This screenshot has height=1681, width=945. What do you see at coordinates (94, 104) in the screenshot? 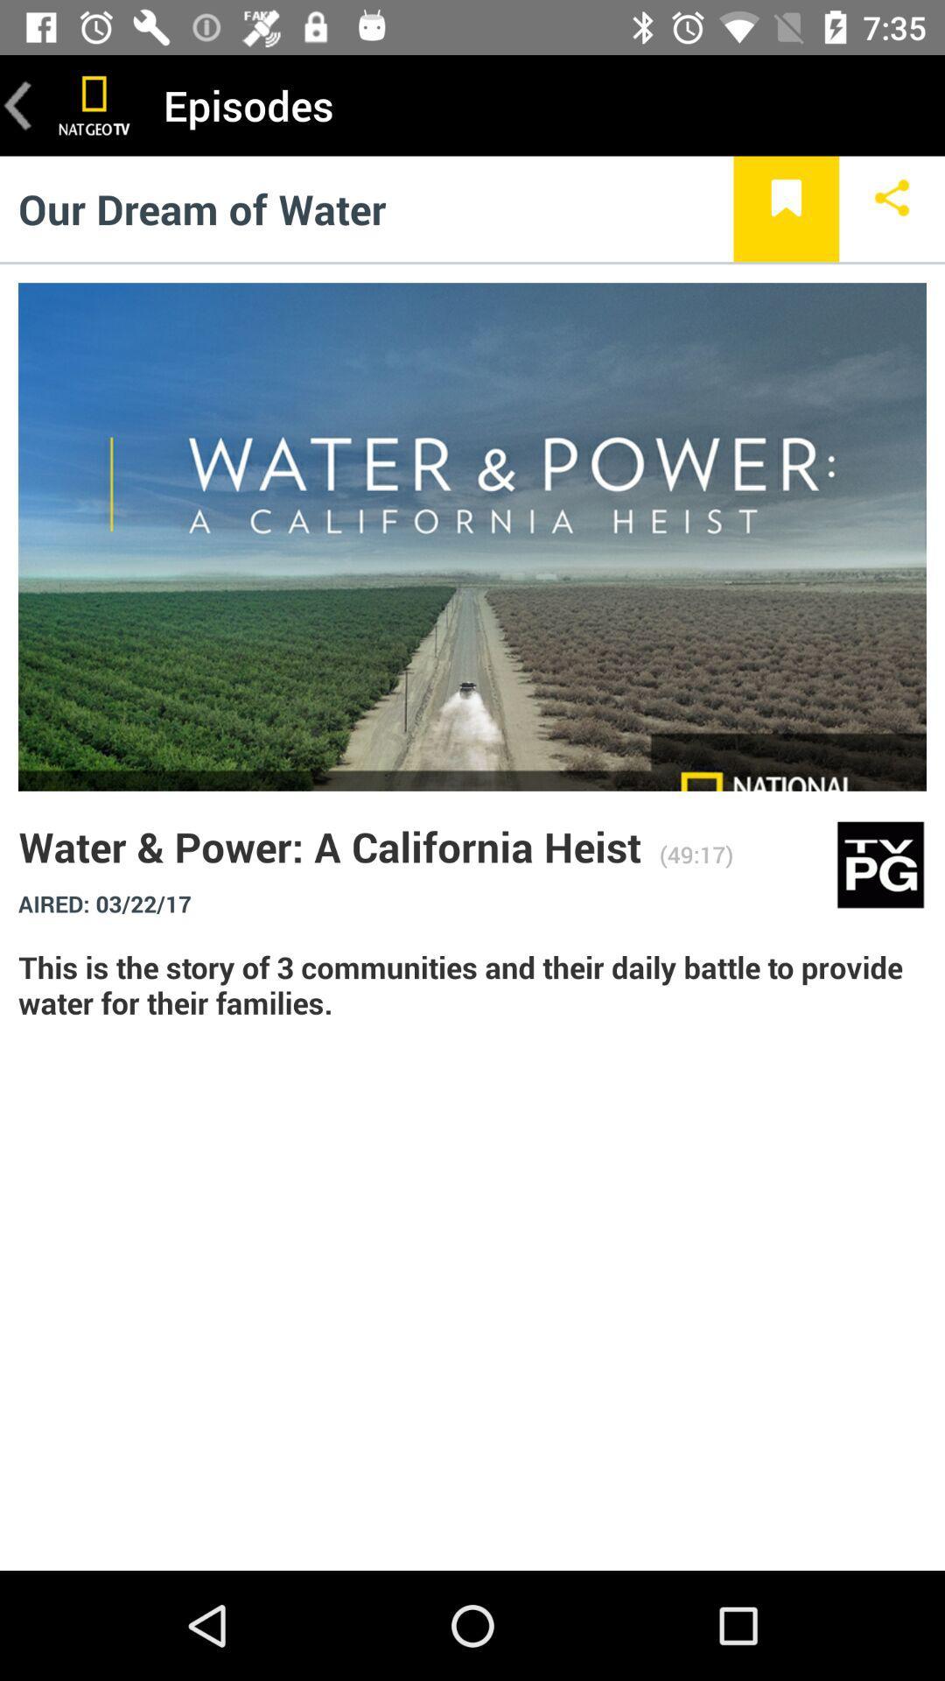
I see `print screen option` at bounding box center [94, 104].